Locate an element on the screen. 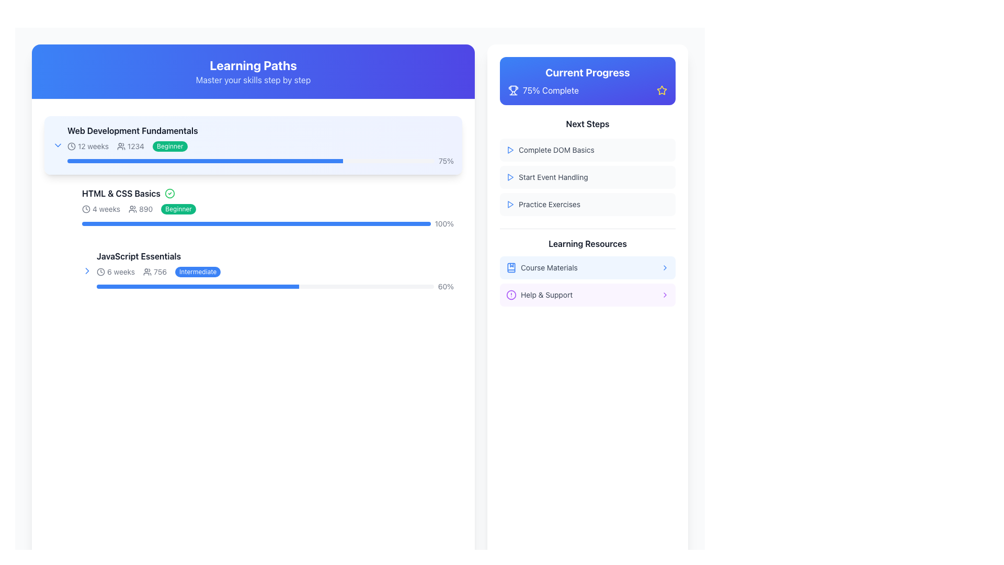 The width and height of the screenshot is (1004, 565). the star-shaped icon in golden yellow located at the top-right corner of the 'Current Progress' card, next to the '75% Complete' text is located at coordinates (661, 90).